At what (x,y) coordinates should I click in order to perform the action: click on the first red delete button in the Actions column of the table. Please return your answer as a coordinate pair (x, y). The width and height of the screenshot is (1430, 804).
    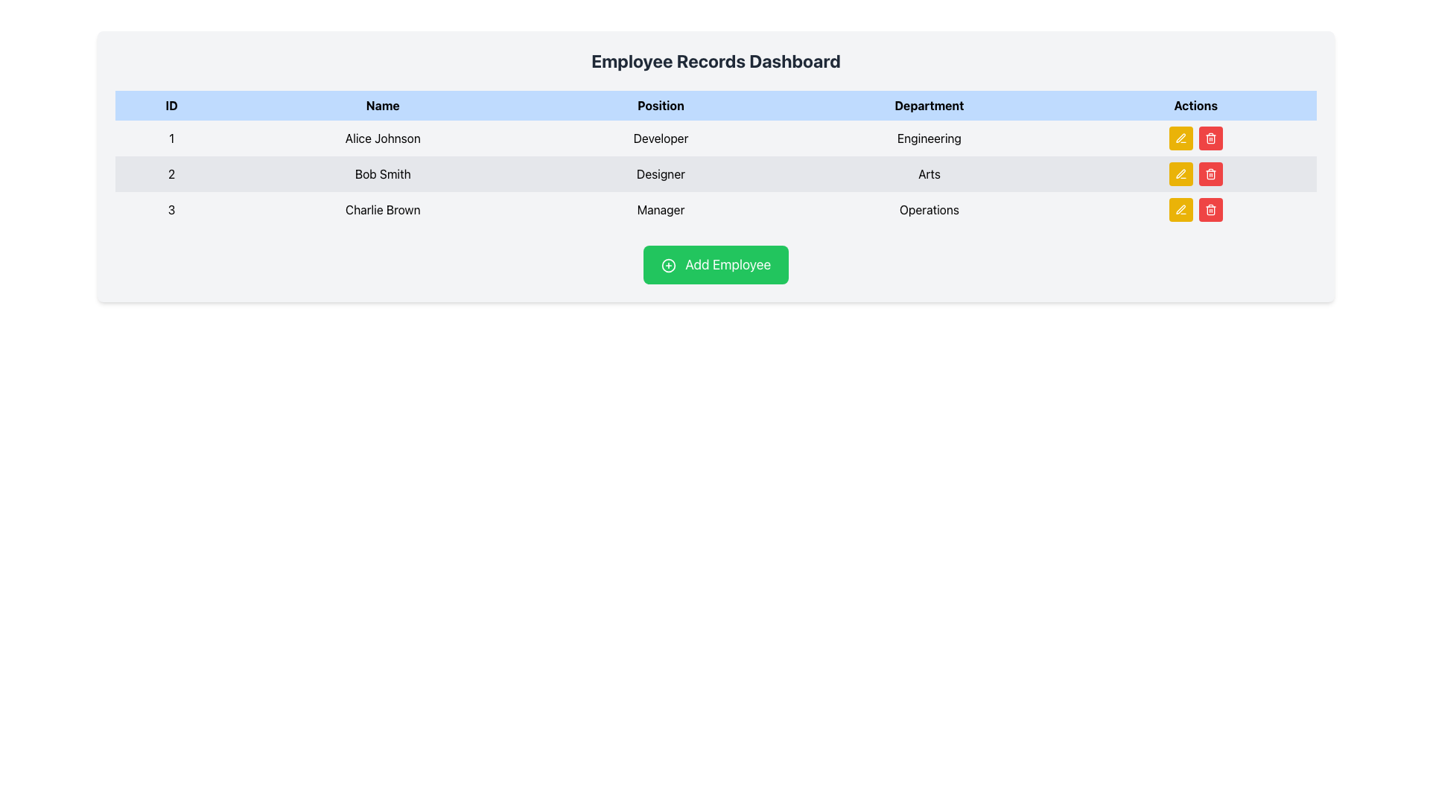
    Looking at the image, I should click on (1210, 173).